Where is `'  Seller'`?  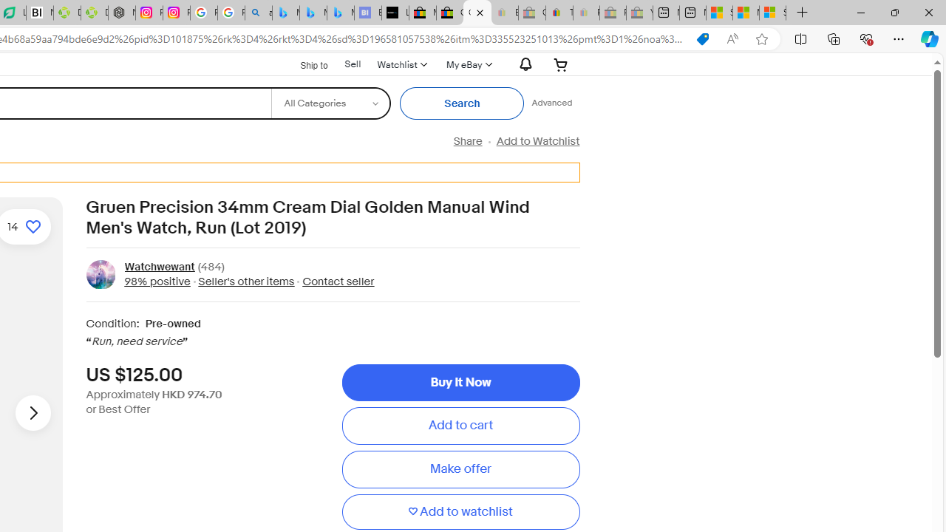 '  Seller' is located at coordinates (242, 281).